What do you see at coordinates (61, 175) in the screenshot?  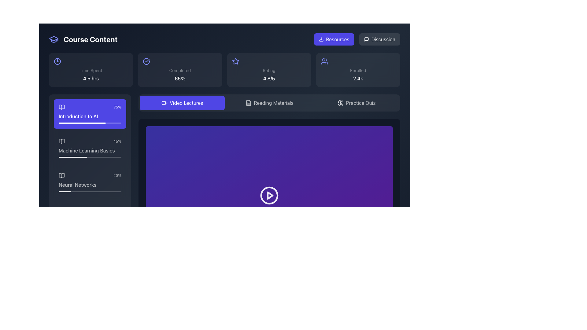 I see `the open book icon located in the left sidebar, which visually represents the 'Neural Networks' entry` at bounding box center [61, 175].